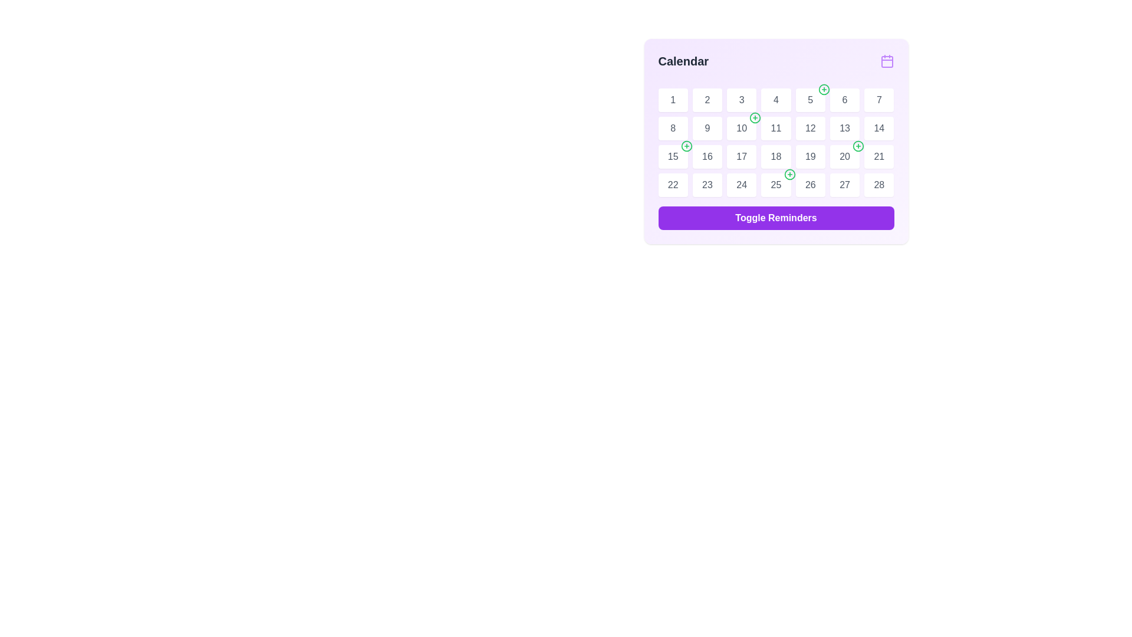 The height and width of the screenshot is (637, 1132). Describe the element at coordinates (879, 156) in the screenshot. I see `the static text element representing the 21st day in the calendar view, located in the third row and seventh column, adjacent to '20' and '28'` at that location.